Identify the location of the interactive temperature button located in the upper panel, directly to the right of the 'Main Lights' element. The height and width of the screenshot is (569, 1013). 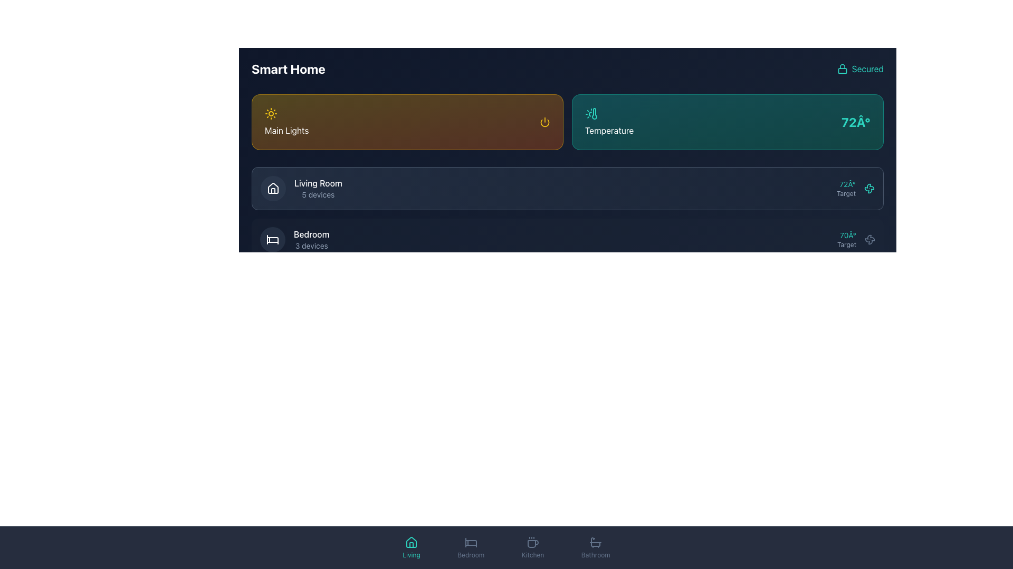
(727, 121).